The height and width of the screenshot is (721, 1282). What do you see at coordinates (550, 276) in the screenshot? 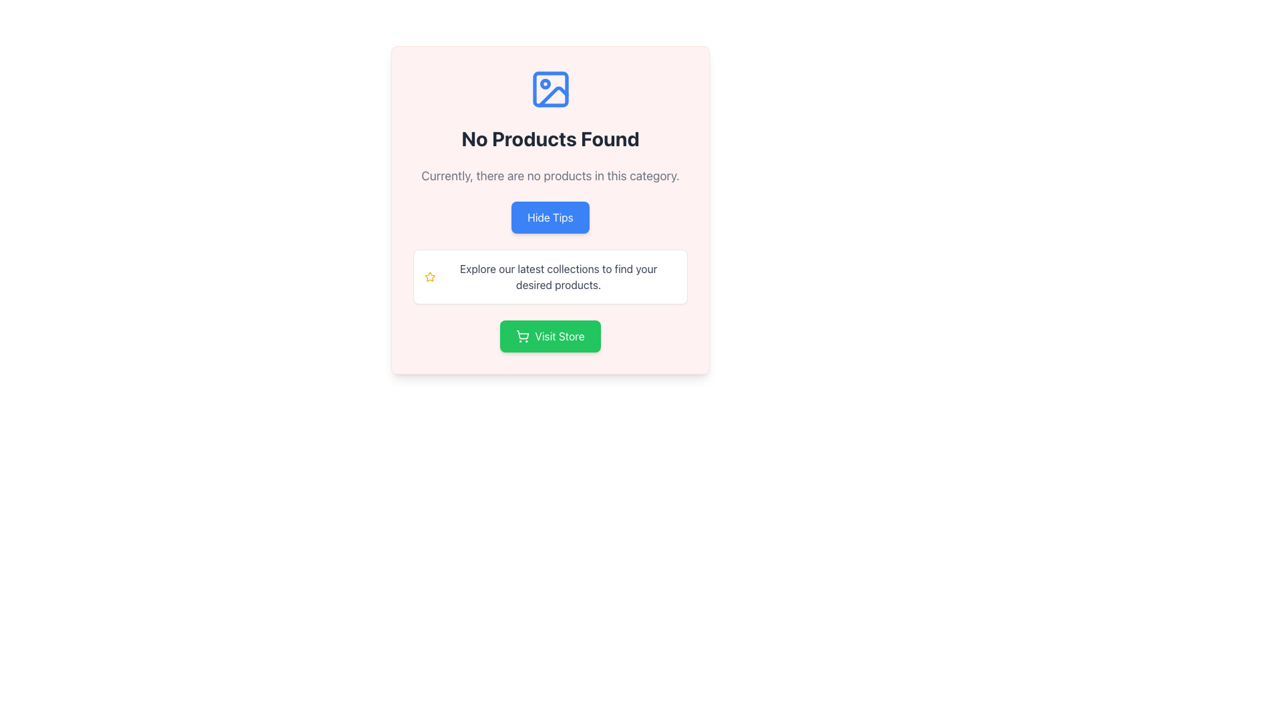
I see `the Static Text with Icon that indicates no products are currently available, located below the 'No Products Found' header and above the 'Visit Store' button` at bounding box center [550, 276].